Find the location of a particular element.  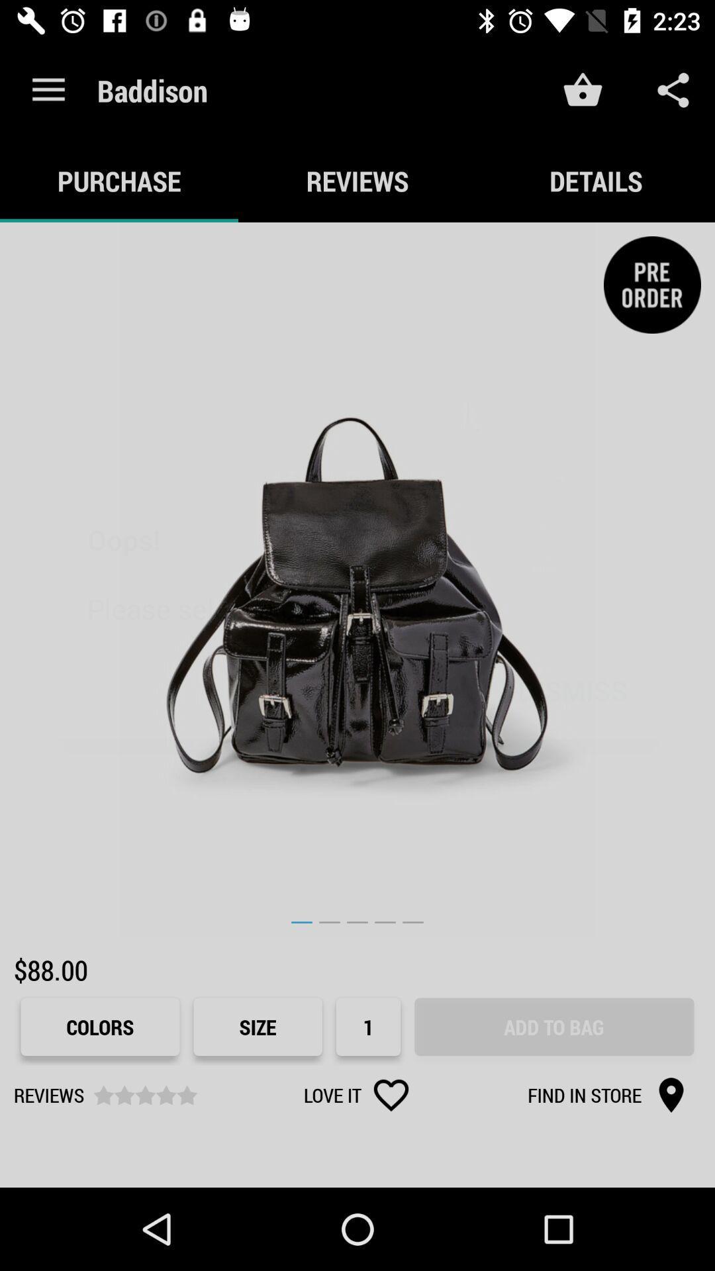

item picture is located at coordinates (358, 580).